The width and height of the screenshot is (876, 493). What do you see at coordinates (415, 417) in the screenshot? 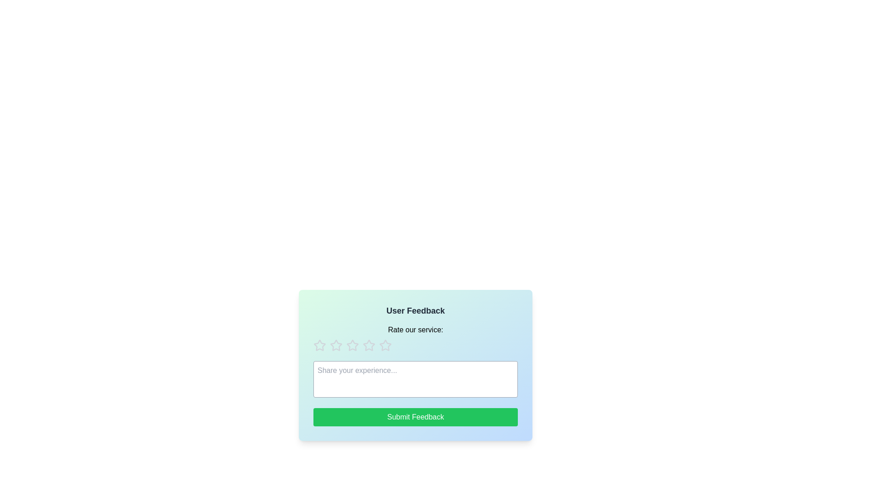
I see `the 'Submit Feedback' button` at bounding box center [415, 417].